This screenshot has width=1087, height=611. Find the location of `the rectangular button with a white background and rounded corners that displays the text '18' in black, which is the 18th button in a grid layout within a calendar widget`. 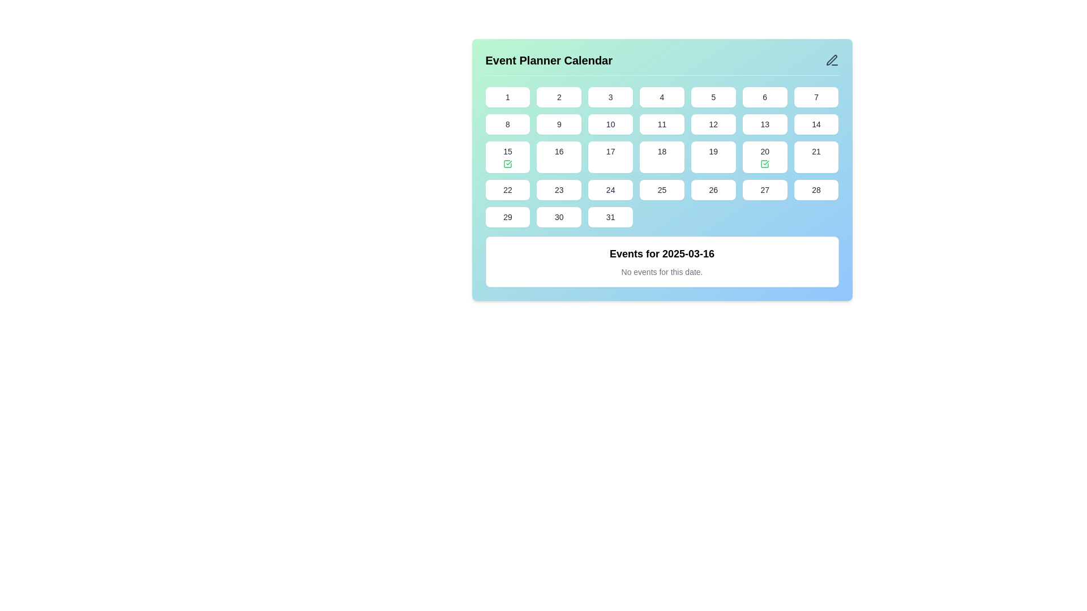

the rectangular button with a white background and rounded corners that displays the text '18' in black, which is the 18th button in a grid layout within a calendar widget is located at coordinates (662, 157).